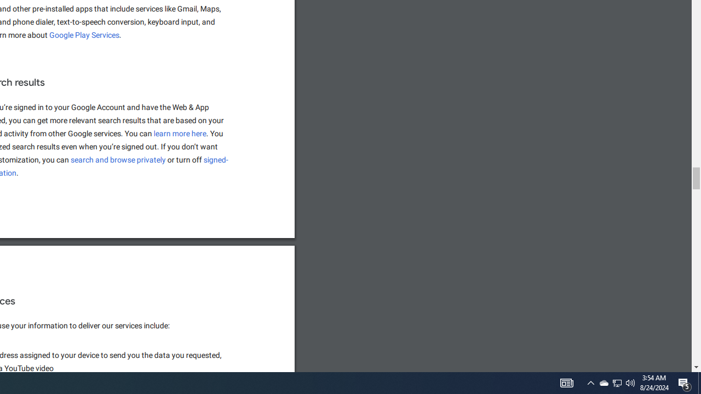 The image size is (701, 394). What do you see at coordinates (118, 160) in the screenshot?
I see `'search and browse privately'` at bounding box center [118, 160].